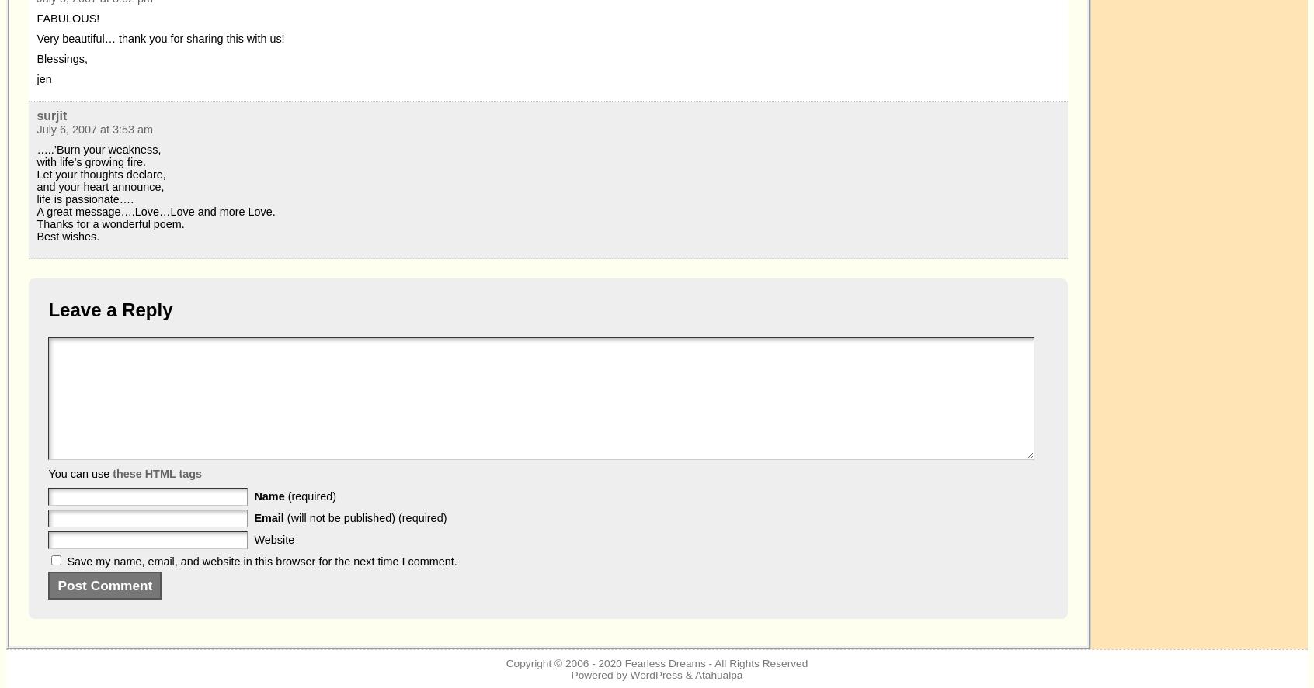 Image resolution: width=1314 pixels, height=688 pixels. Describe the element at coordinates (718, 674) in the screenshot. I see `'Atahualpa'` at that location.